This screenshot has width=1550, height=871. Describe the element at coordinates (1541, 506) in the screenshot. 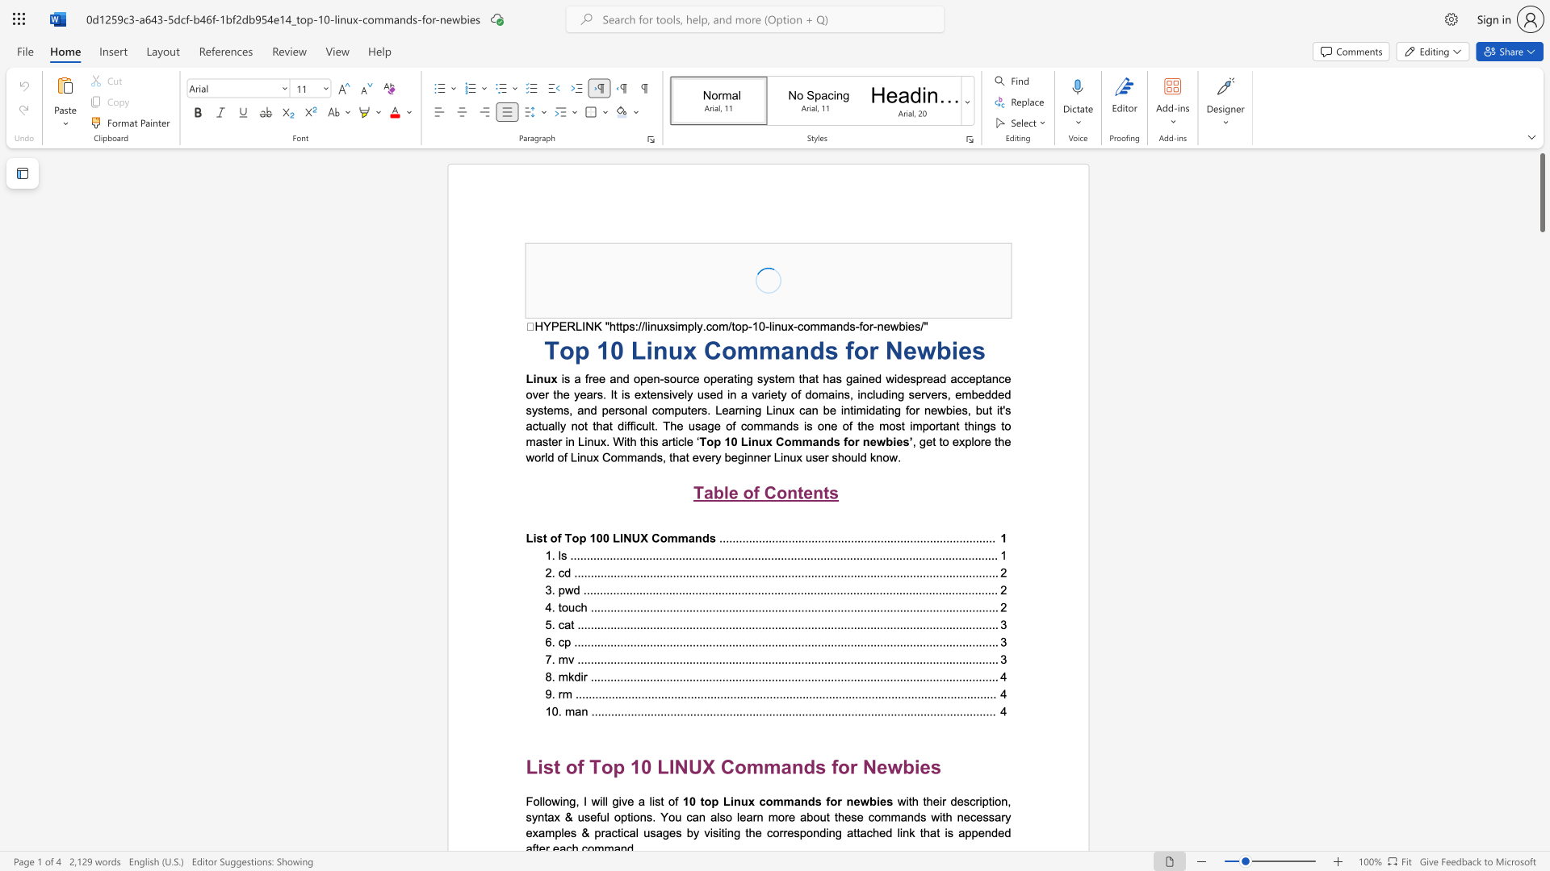

I see `the scrollbar on the right to move the page downward` at that location.